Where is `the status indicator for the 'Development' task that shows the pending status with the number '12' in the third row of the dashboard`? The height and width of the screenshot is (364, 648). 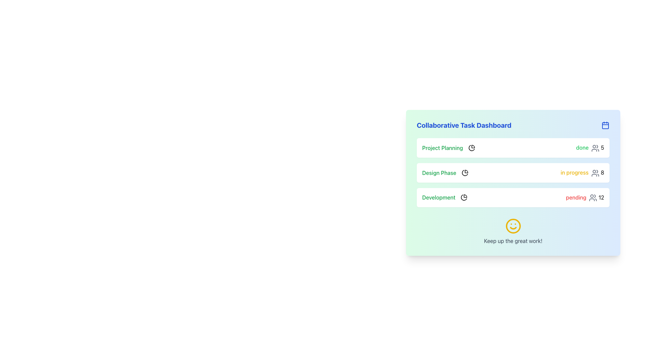 the status indicator for the 'Development' task that shows the pending status with the number '12' in the third row of the dashboard is located at coordinates (585, 197).